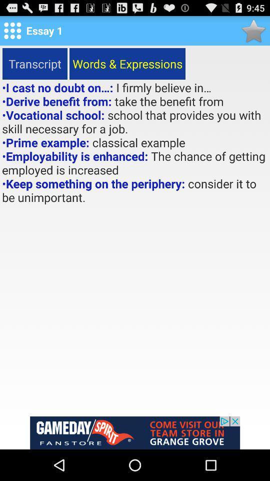 The height and width of the screenshot is (481, 270). What do you see at coordinates (12, 31) in the screenshot?
I see `settings` at bounding box center [12, 31].